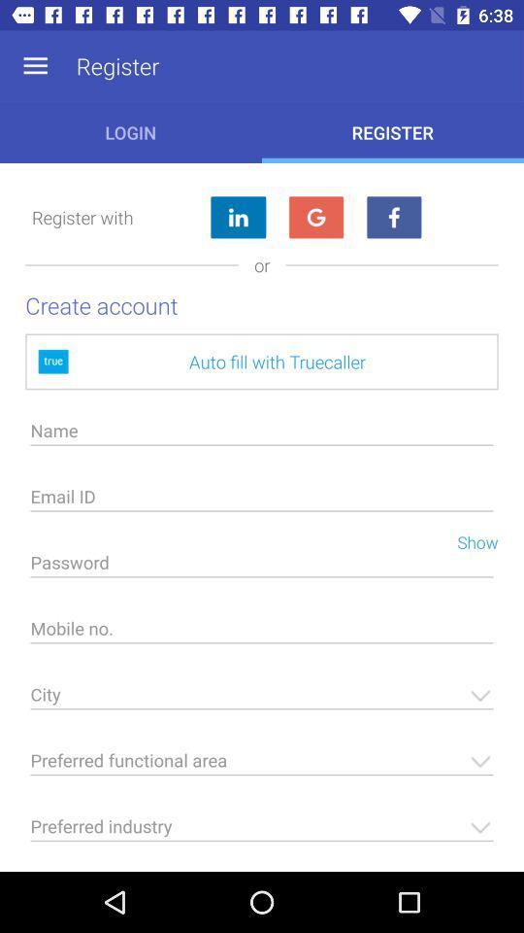 The height and width of the screenshot is (933, 524). I want to click on register with a google account, so click(315, 218).